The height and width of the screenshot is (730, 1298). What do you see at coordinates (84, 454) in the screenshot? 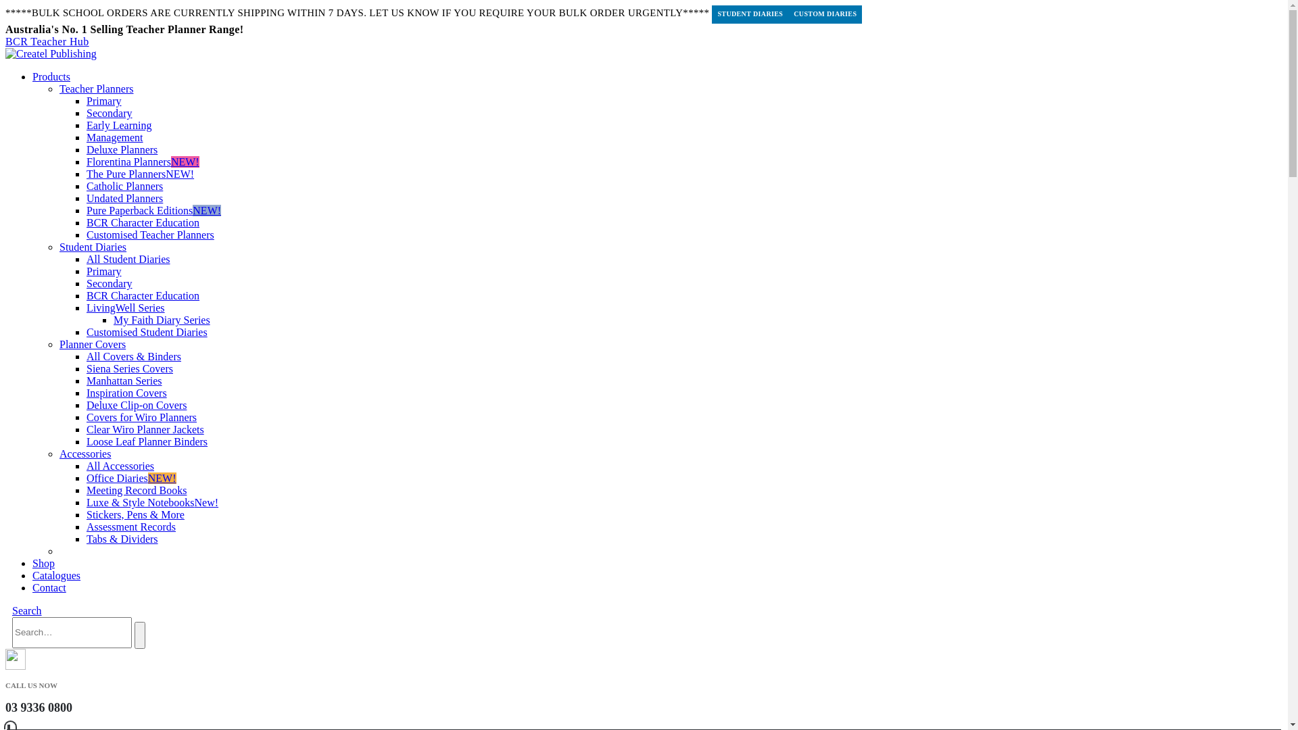
I see `'Accessories'` at bounding box center [84, 454].